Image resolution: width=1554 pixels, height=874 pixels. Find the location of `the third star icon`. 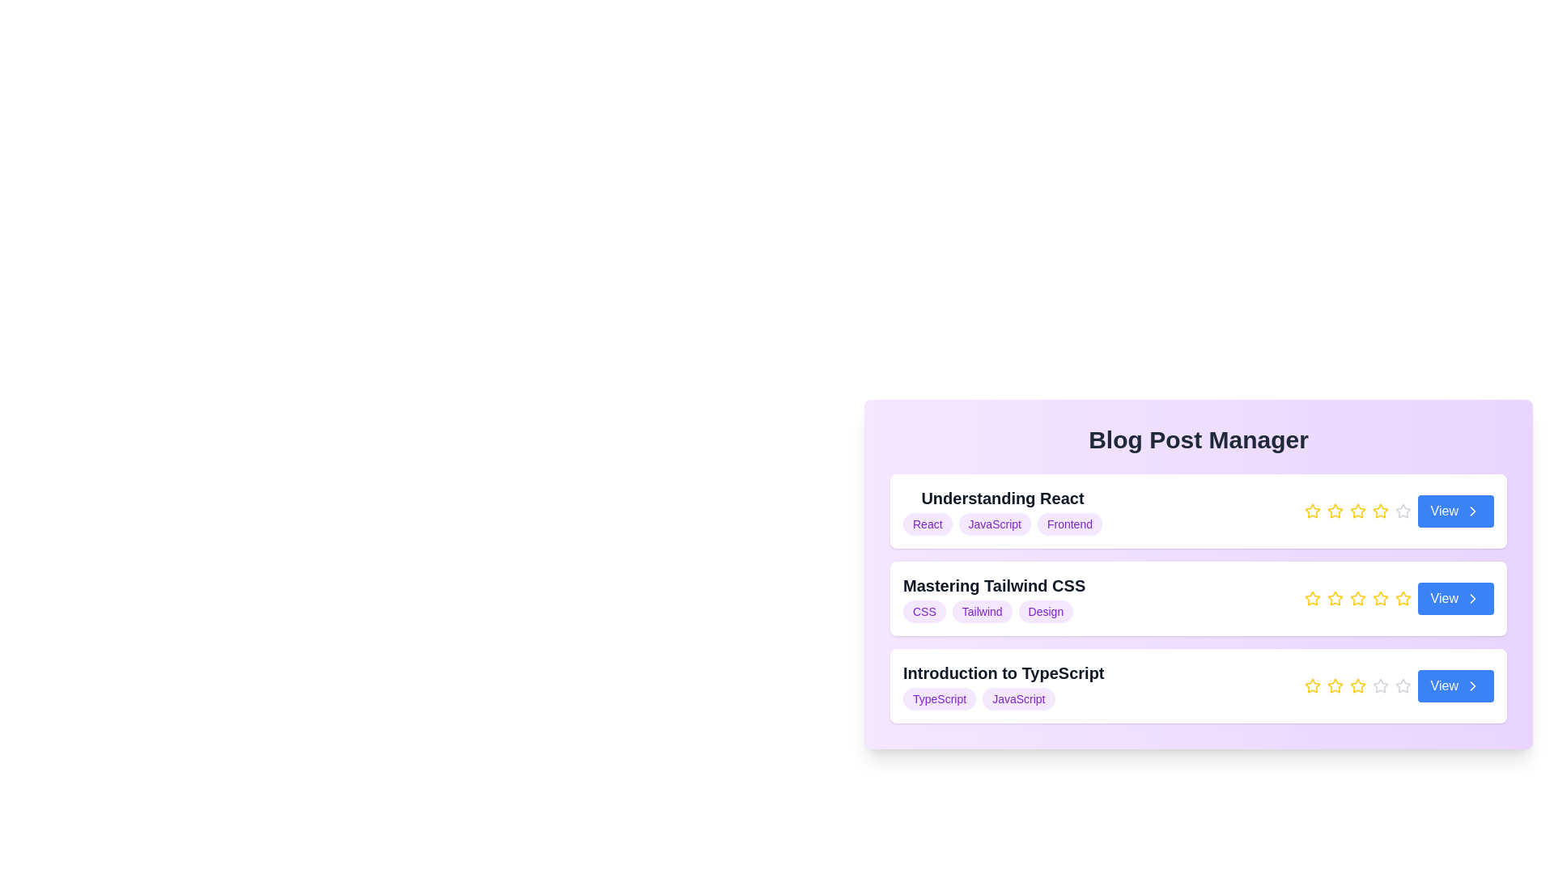

the third star icon is located at coordinates (1335, 686).